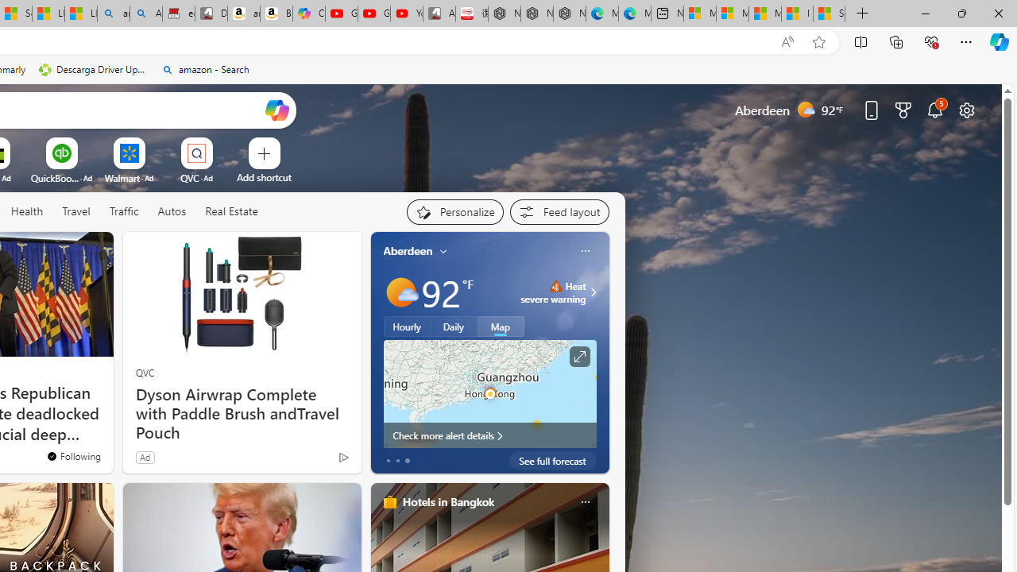 The height and width of the screenshot is (572, 1017). I want to click on 'Class: weather-arrow-glyph', so click(592, 292).